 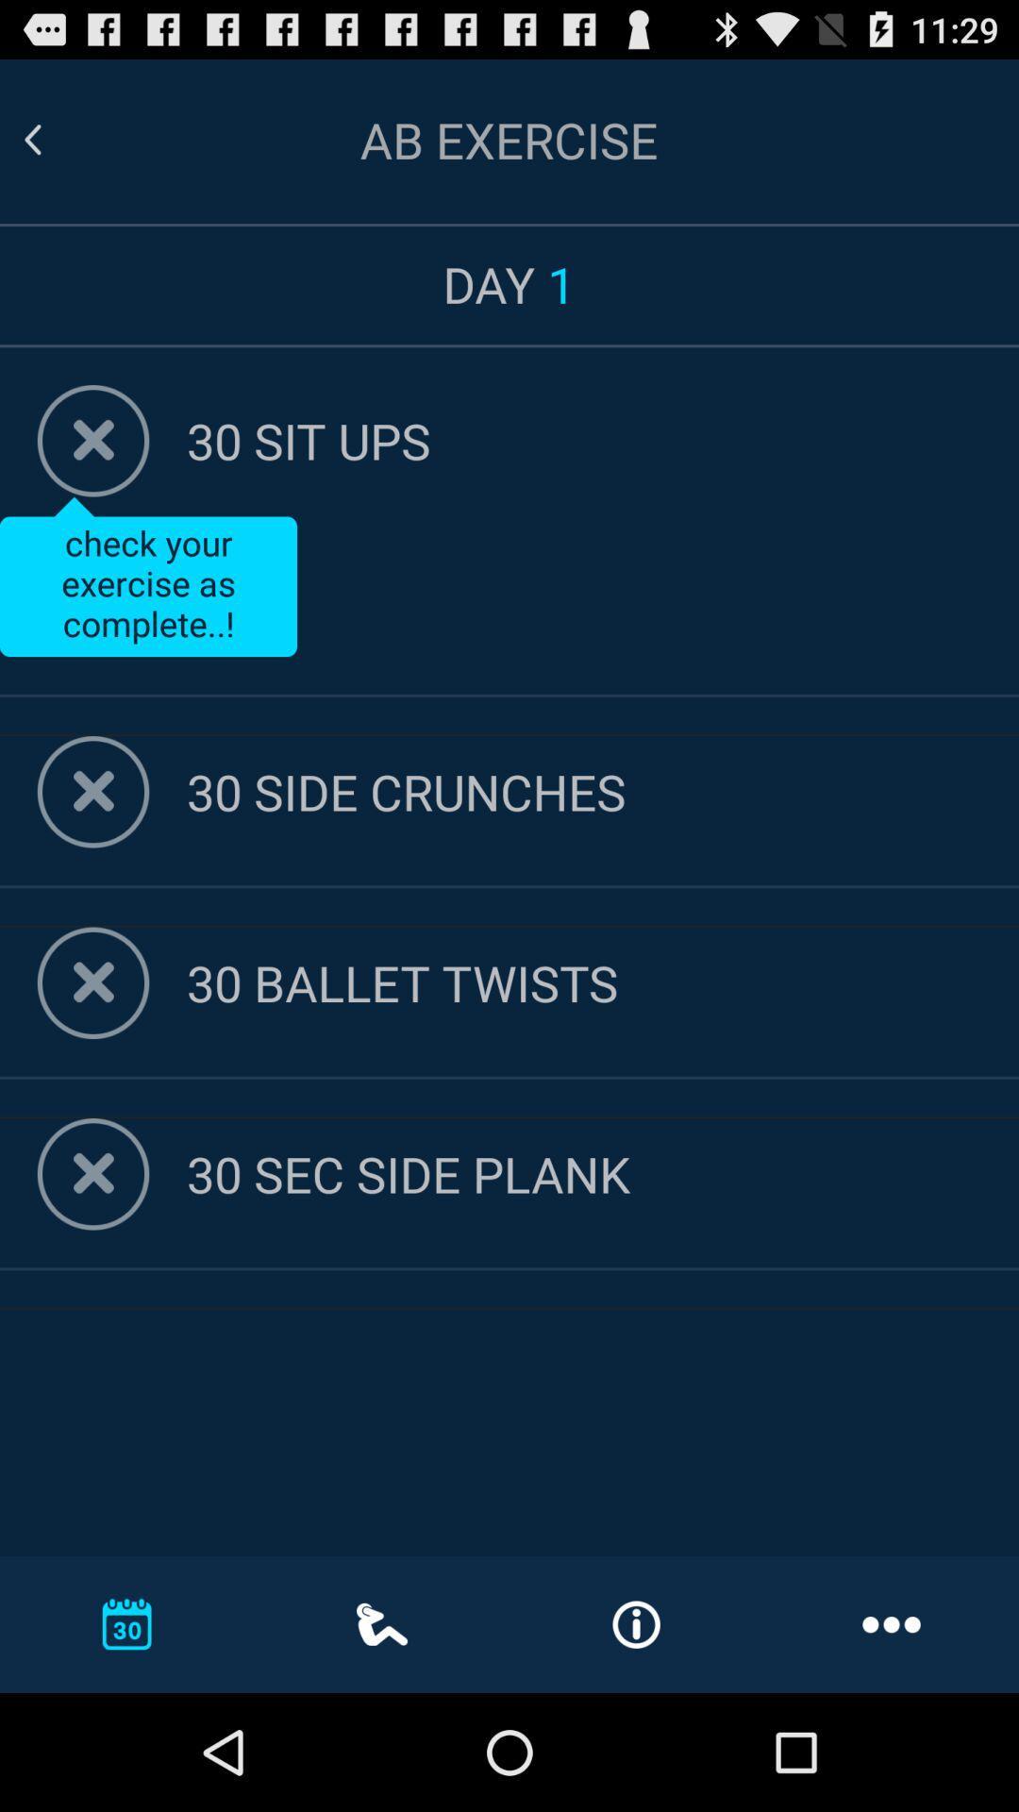 What do you see at coordinates (55, 139) in the screenshot?
I see `previous` at bounding box center [55, 139].